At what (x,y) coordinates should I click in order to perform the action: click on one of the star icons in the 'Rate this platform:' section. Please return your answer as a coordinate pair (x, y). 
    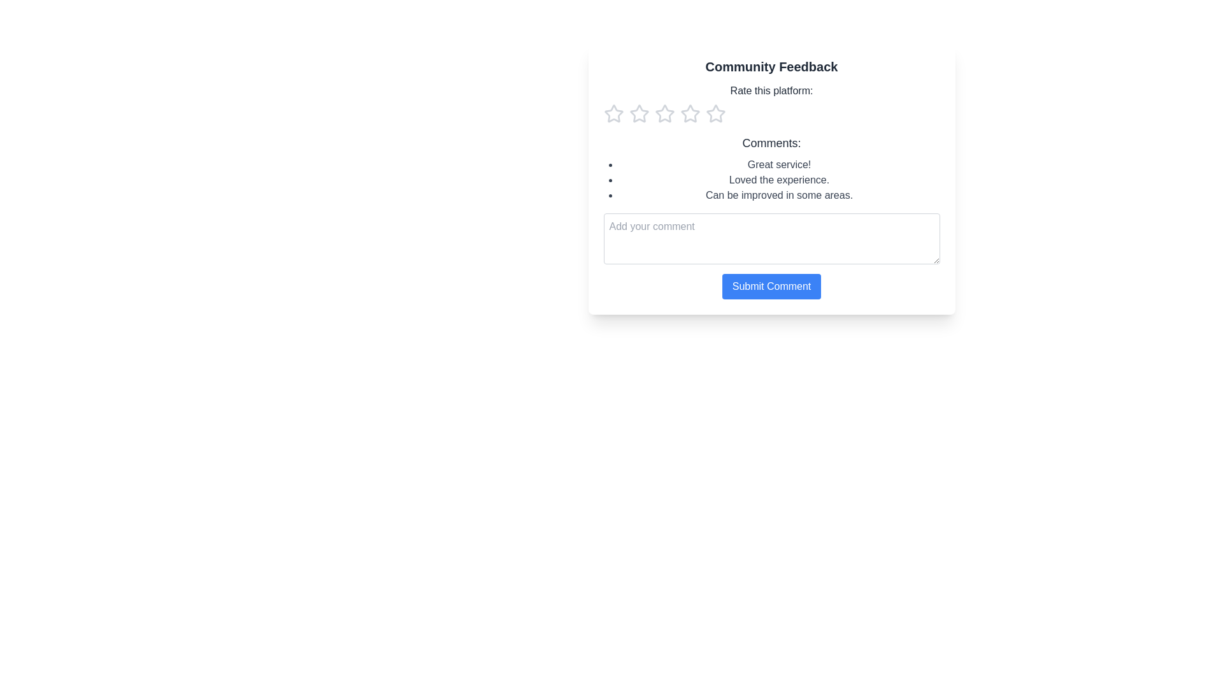
    Looking at the image, I should click on (771, 103).